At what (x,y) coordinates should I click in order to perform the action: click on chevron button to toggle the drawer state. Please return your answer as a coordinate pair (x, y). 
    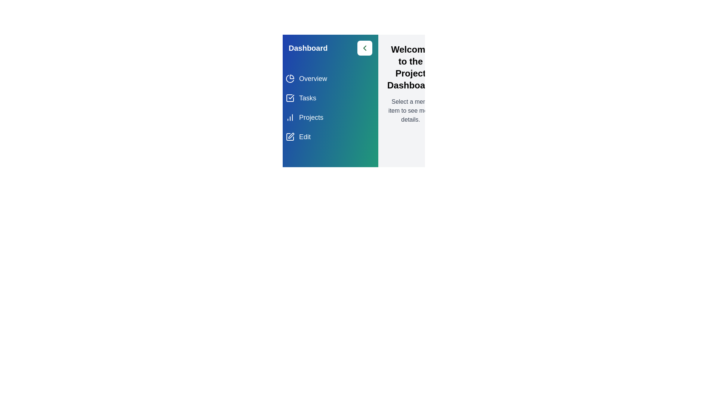
    Looking at the image, I should click on (365, 48).